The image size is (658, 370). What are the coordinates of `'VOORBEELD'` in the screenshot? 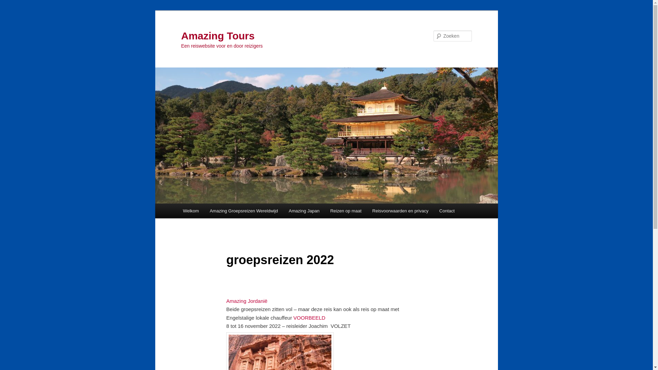 It's located at (293, 318).